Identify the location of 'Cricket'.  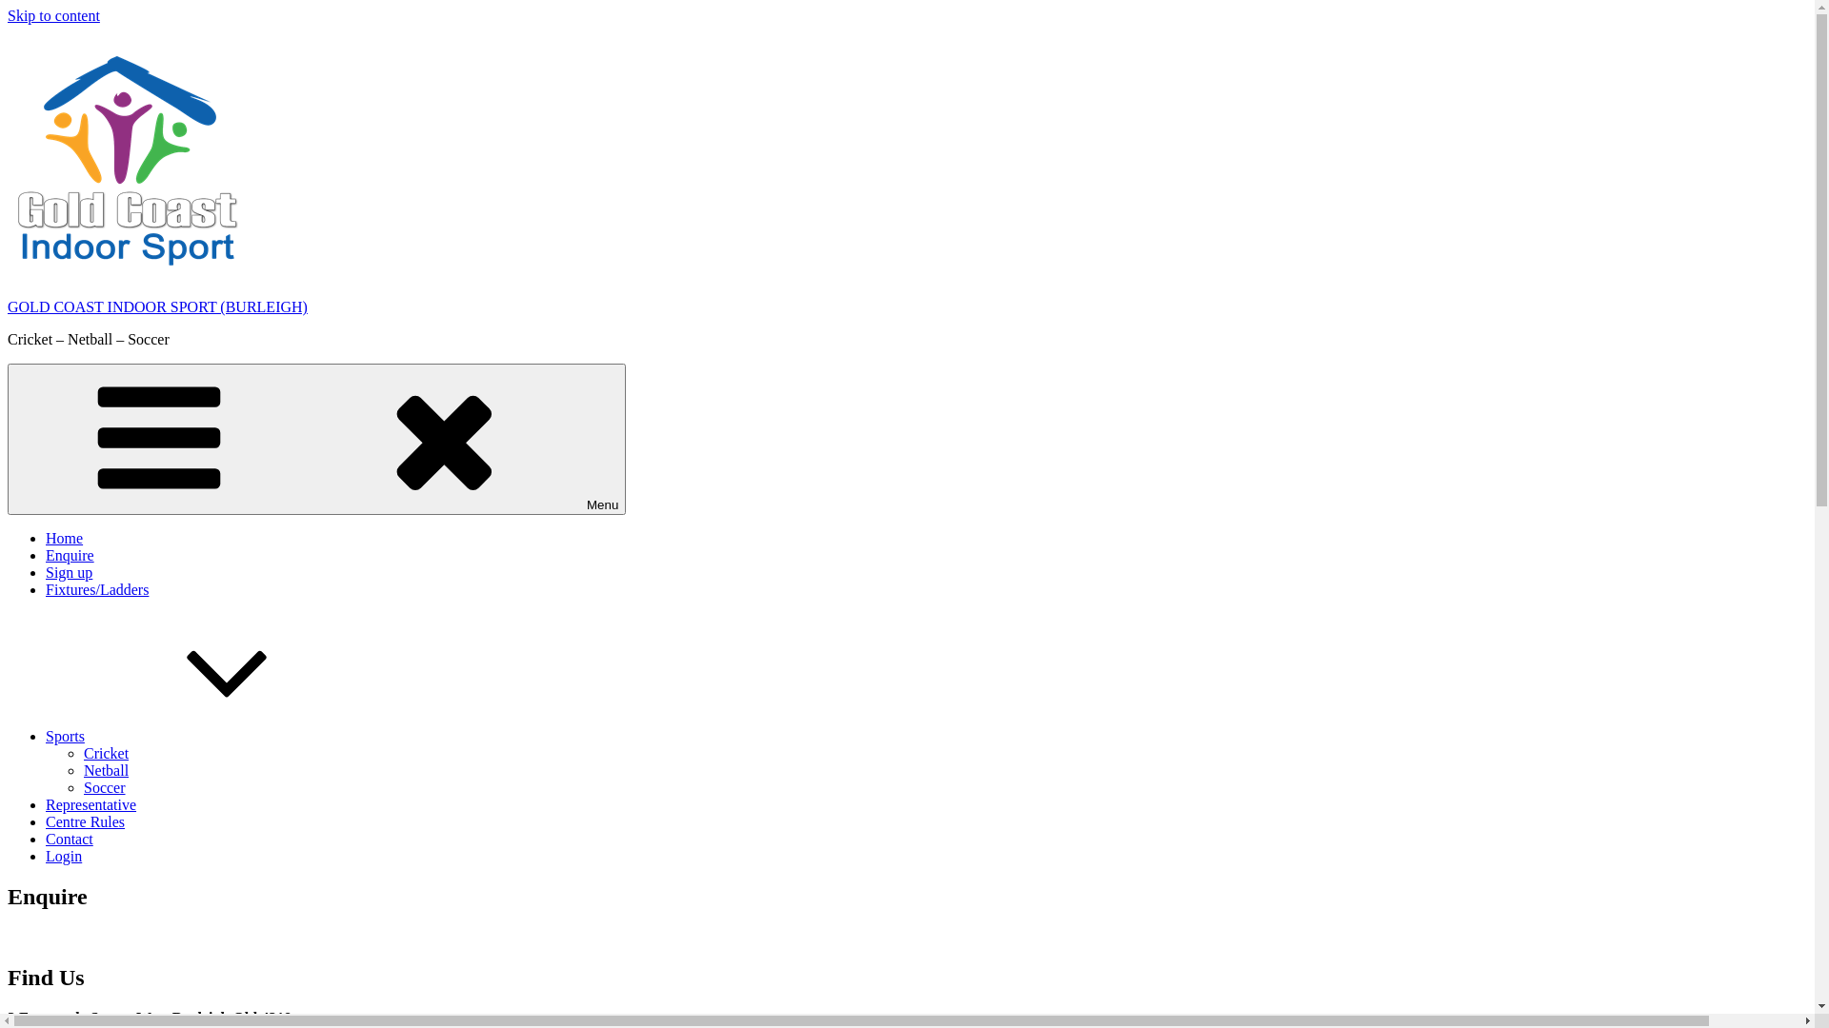
(105, 752).